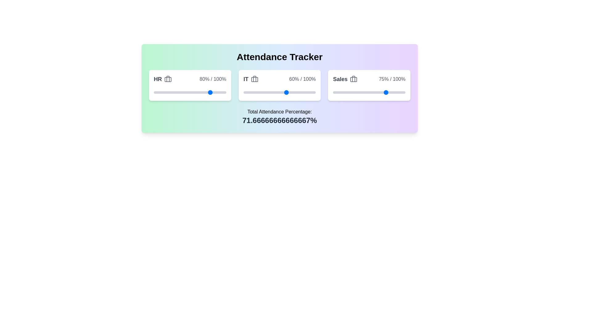  Describe the element at coordinates (300, 92) in the screenshot. I see `the IT attendance slider` at that location.